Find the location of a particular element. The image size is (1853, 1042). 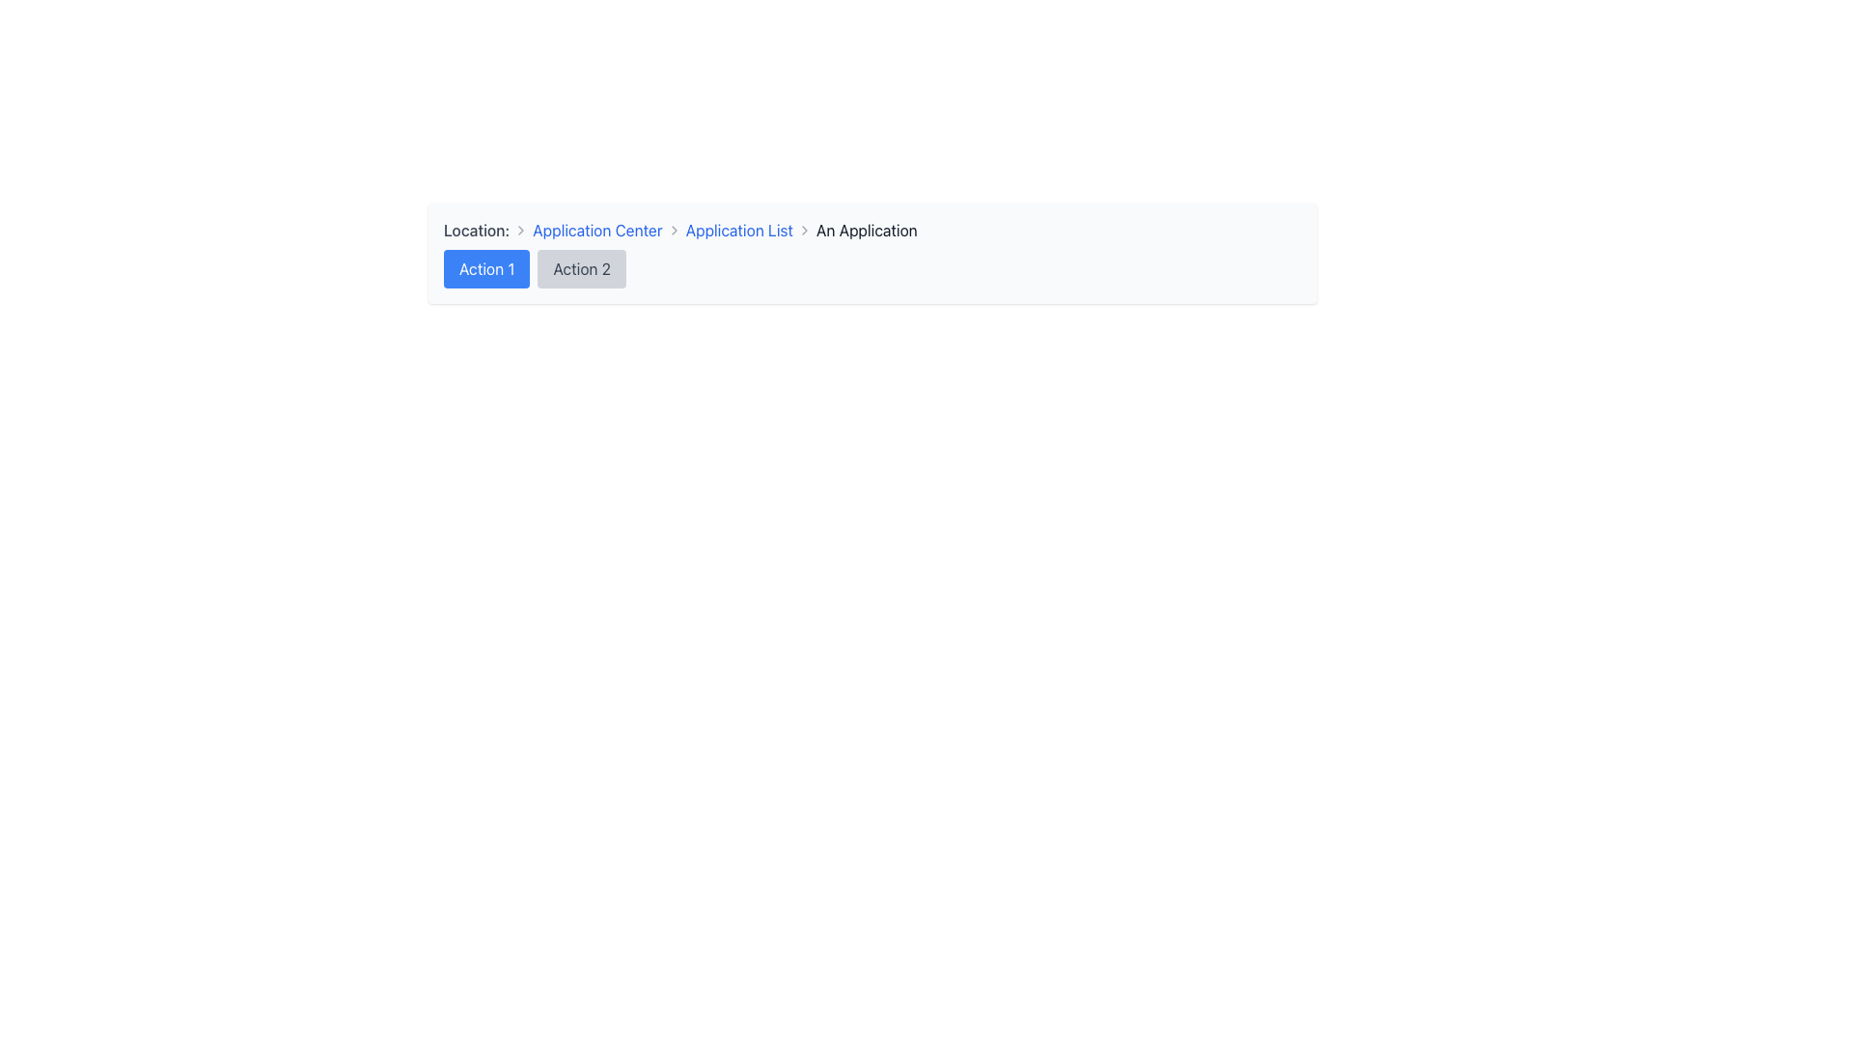

the small rightwards arrow icon in the breadcrumb navigation bar, positioned between 'Location:' and 'Application Center' is located at coordinates (521, 230).